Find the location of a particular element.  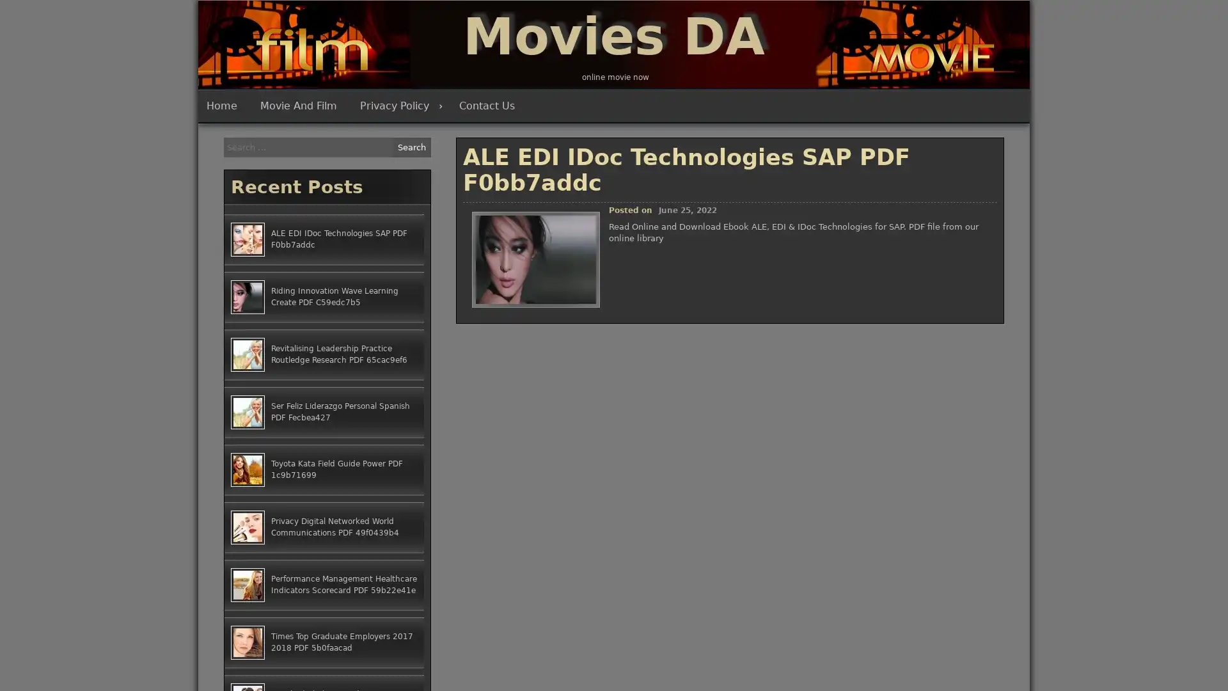

Search is located at coordinates (411, 147).